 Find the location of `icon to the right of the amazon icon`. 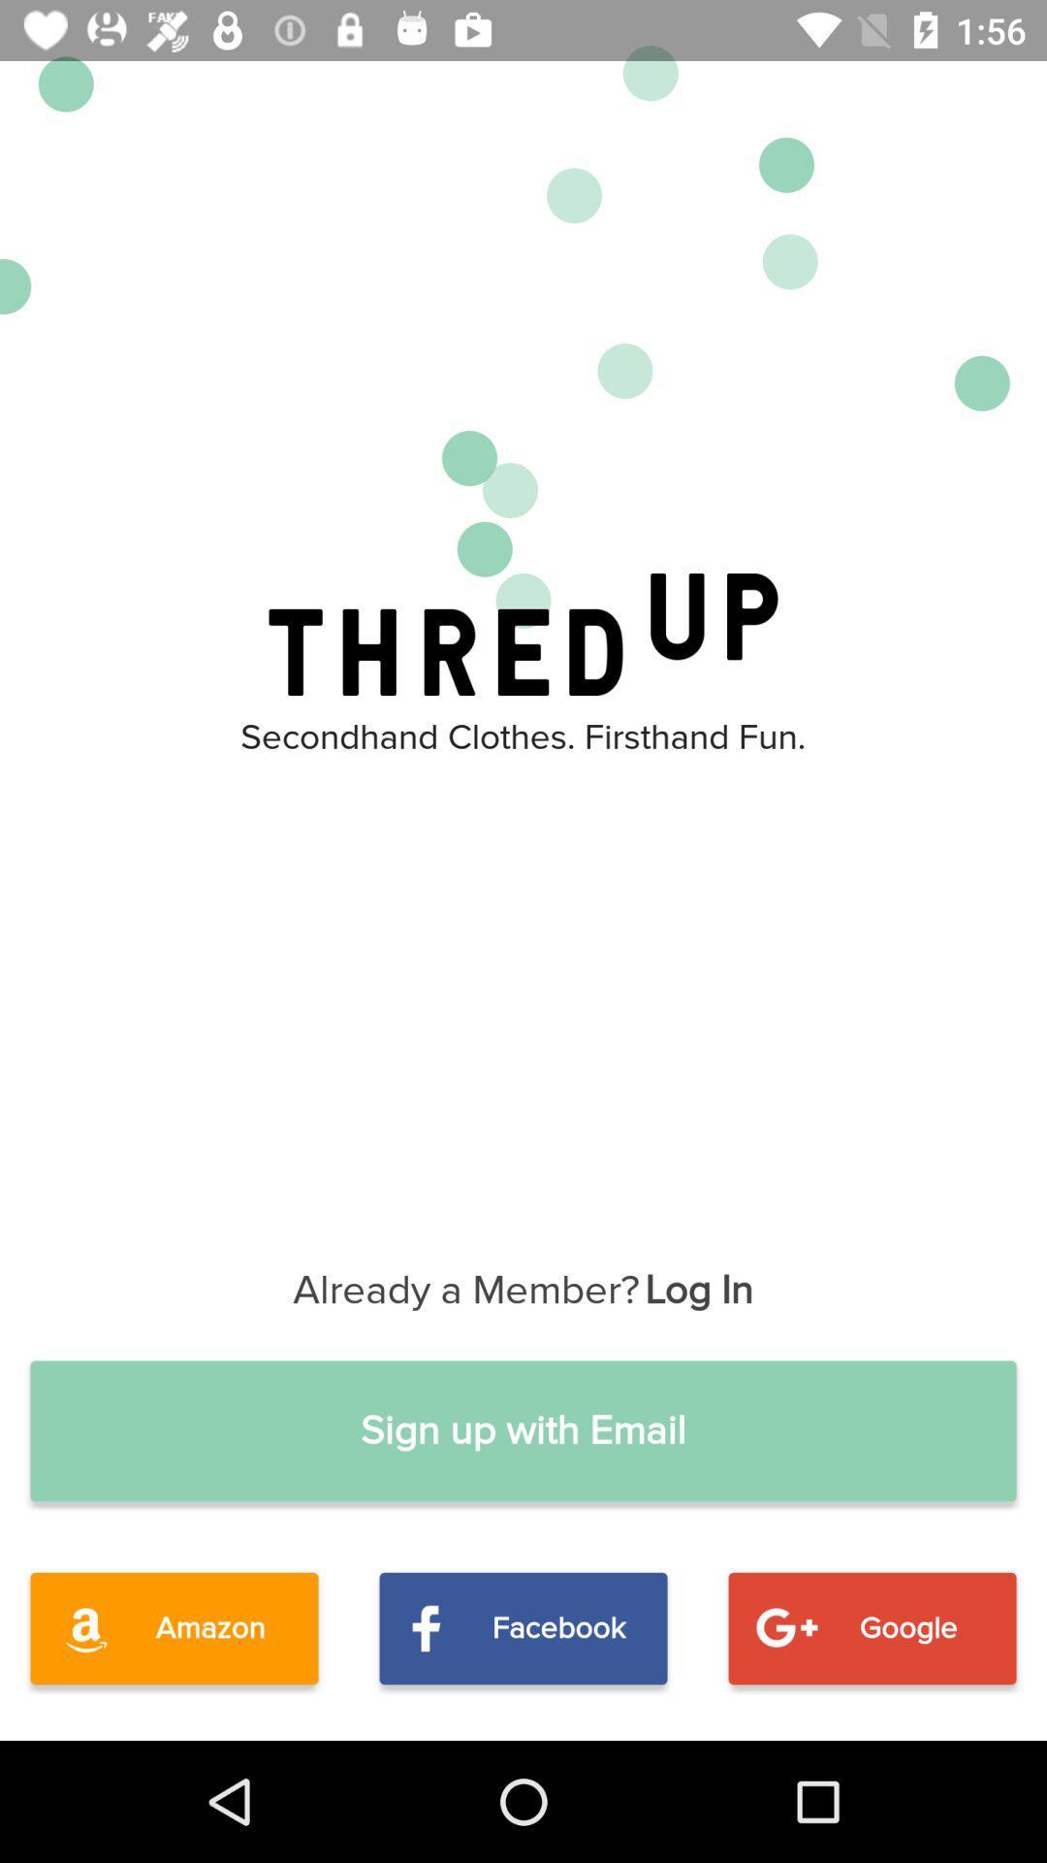

icon to the right of the amazon icon is located at coordinates (523, 1628).